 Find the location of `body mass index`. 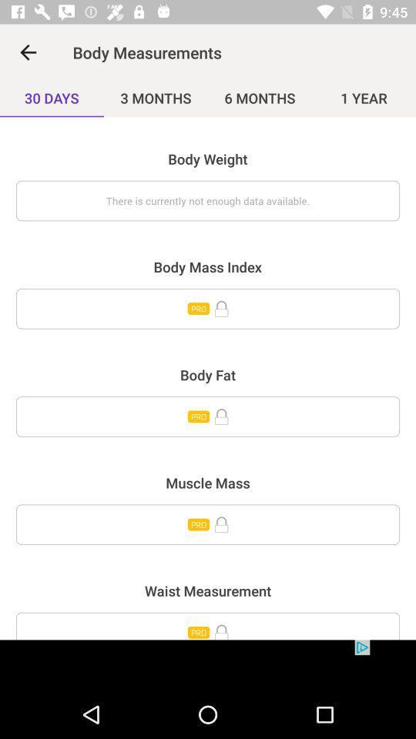

body mass index is located at coordinates (208, 308).